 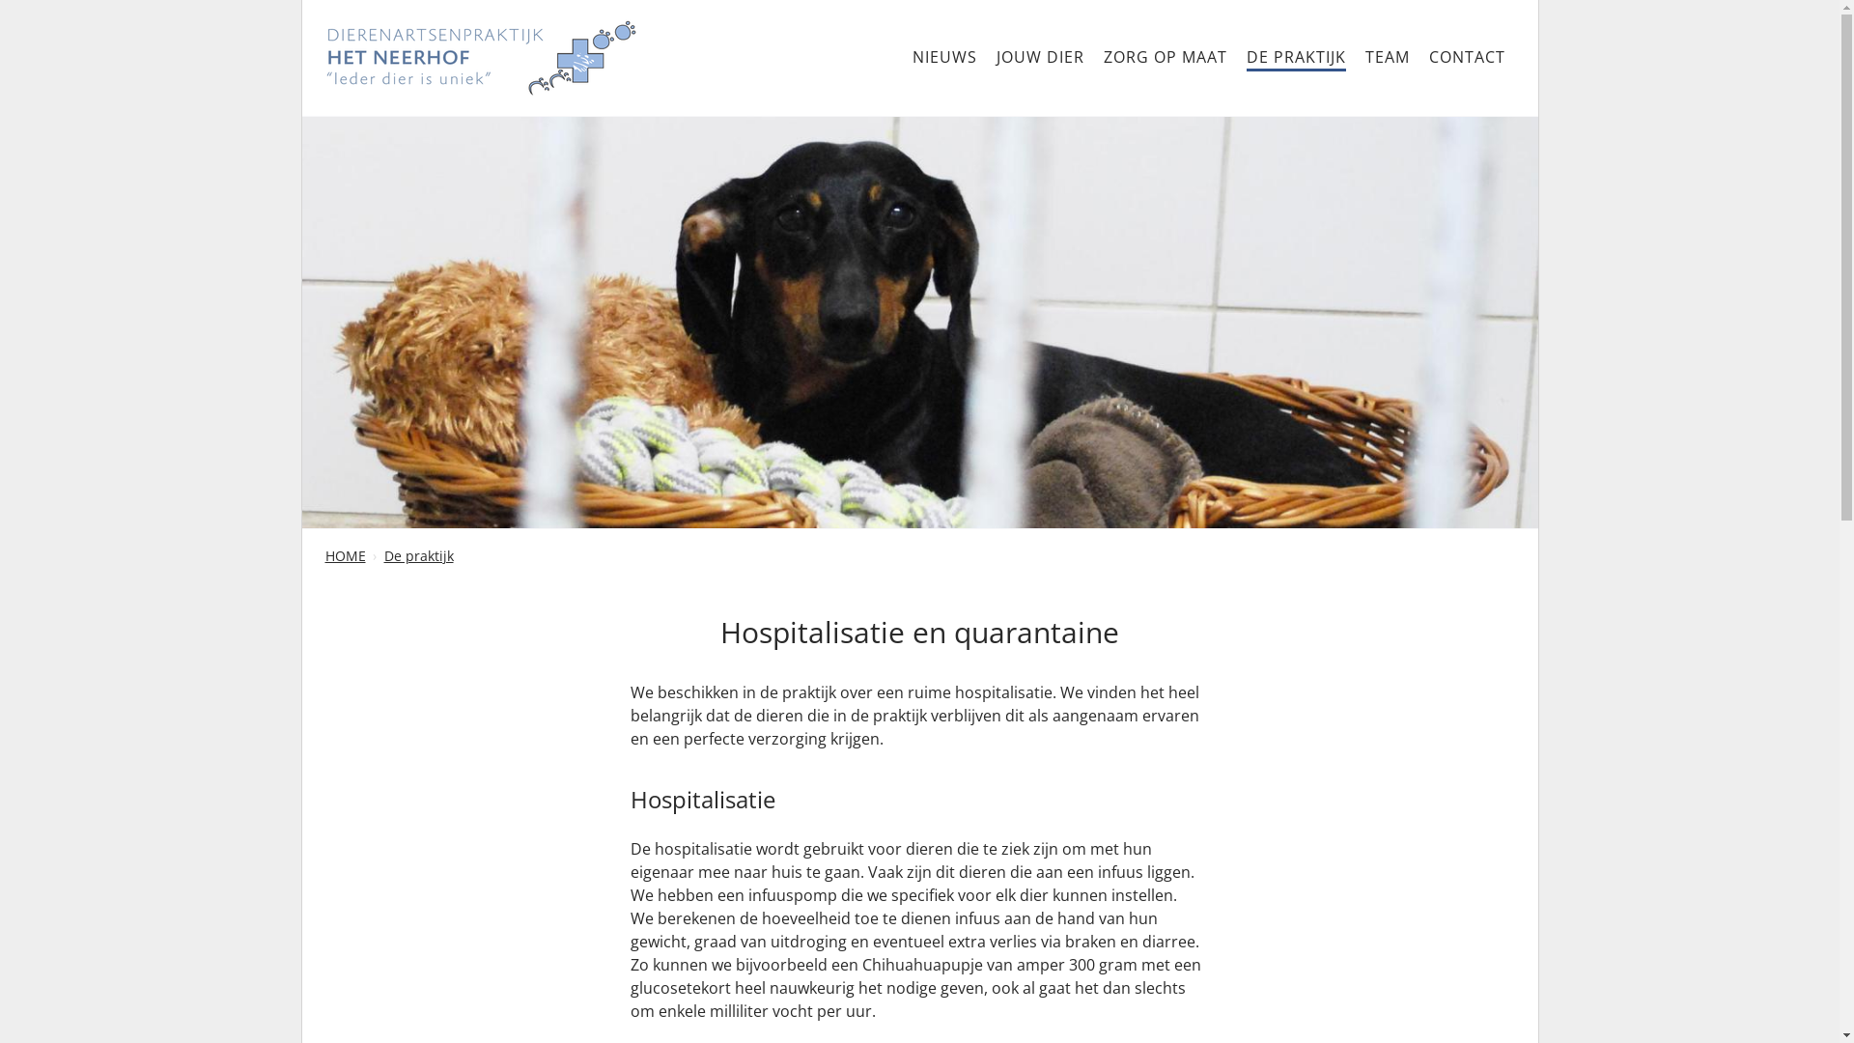 I want to click on 'DE PRAKTIJK', so click(x=1295, y=56).